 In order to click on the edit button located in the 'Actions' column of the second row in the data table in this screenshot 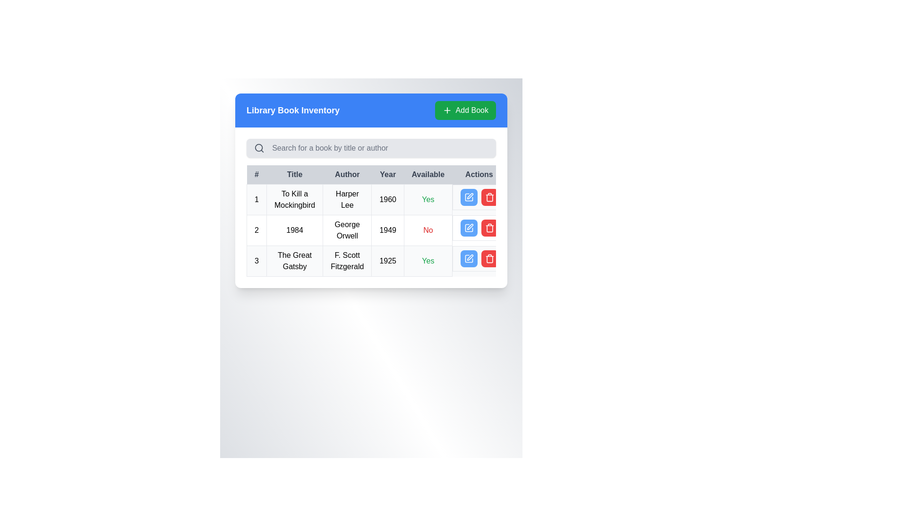, I will do `click(469, 228)`.